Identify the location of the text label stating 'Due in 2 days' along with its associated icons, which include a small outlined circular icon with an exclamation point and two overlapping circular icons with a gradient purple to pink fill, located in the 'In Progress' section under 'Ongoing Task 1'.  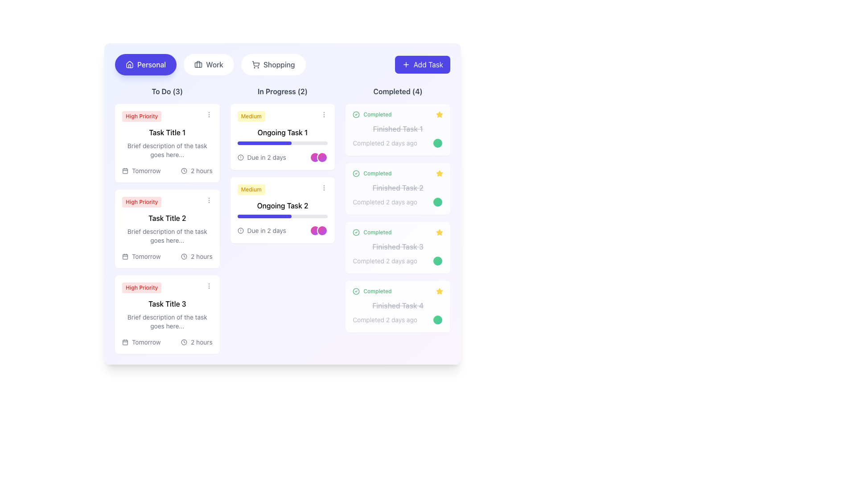
(282, 157).